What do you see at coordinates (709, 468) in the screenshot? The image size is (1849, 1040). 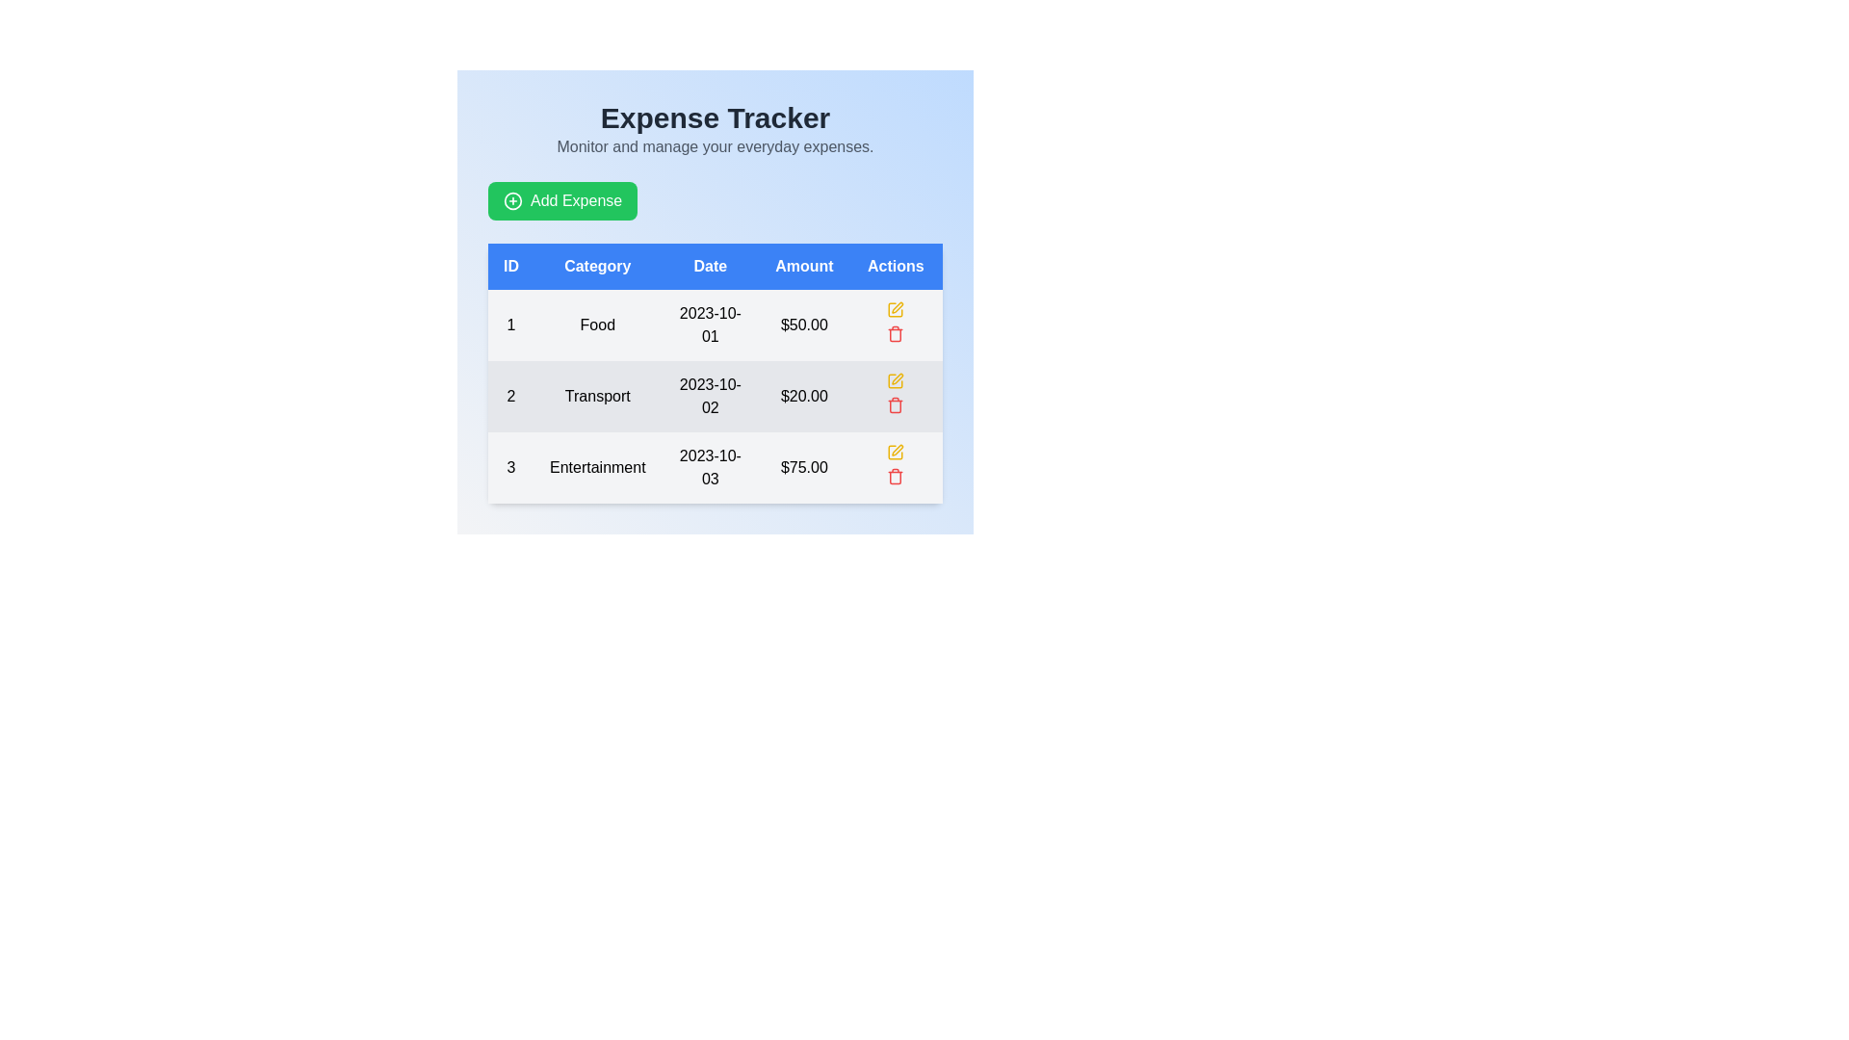 I see `the Text label displaying the date of the expense entry in the third row of the expense tracker table, located under the 'Date' column adjacent to 'Entertainment' and '$75.00'` at bounding box center [709, 468].